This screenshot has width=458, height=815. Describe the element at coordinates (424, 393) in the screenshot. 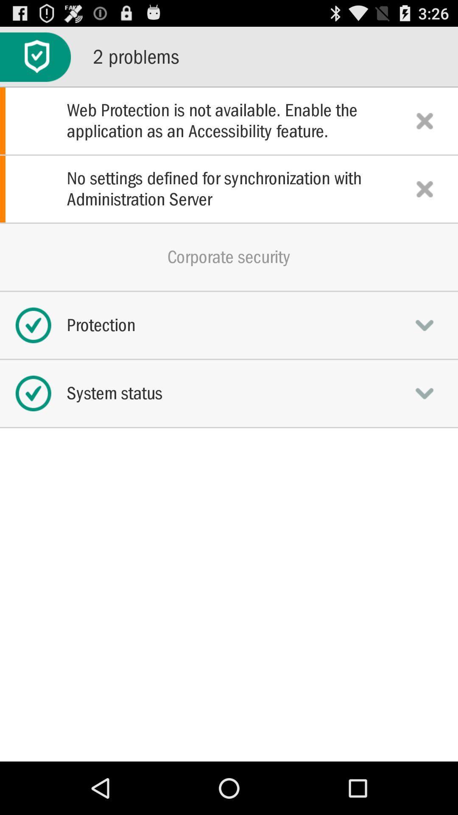

I see `system status tab` at that location.